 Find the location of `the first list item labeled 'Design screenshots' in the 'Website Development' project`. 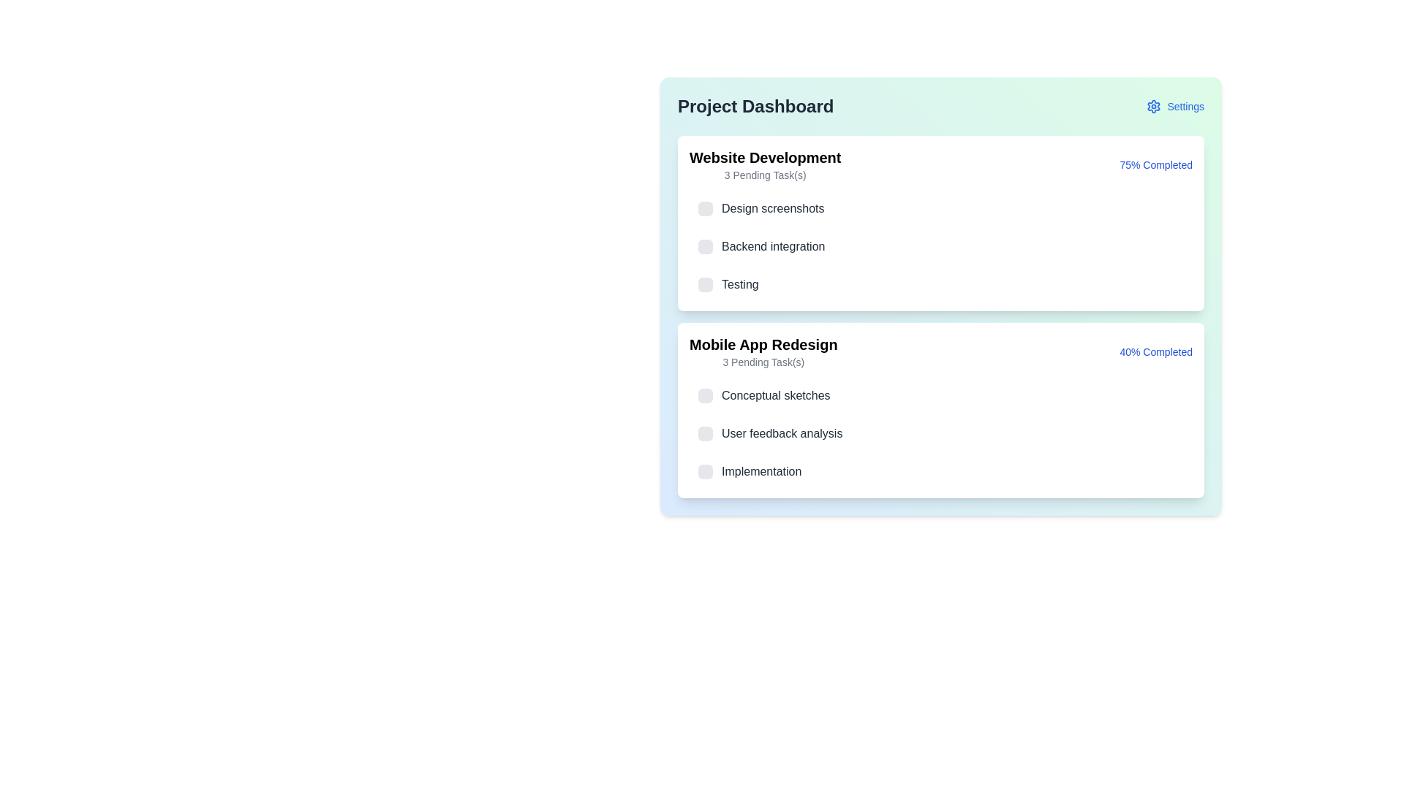

the first list item labeled 'Design screenshots' in the 'Website Development' project is located at coordinates (940, 208).